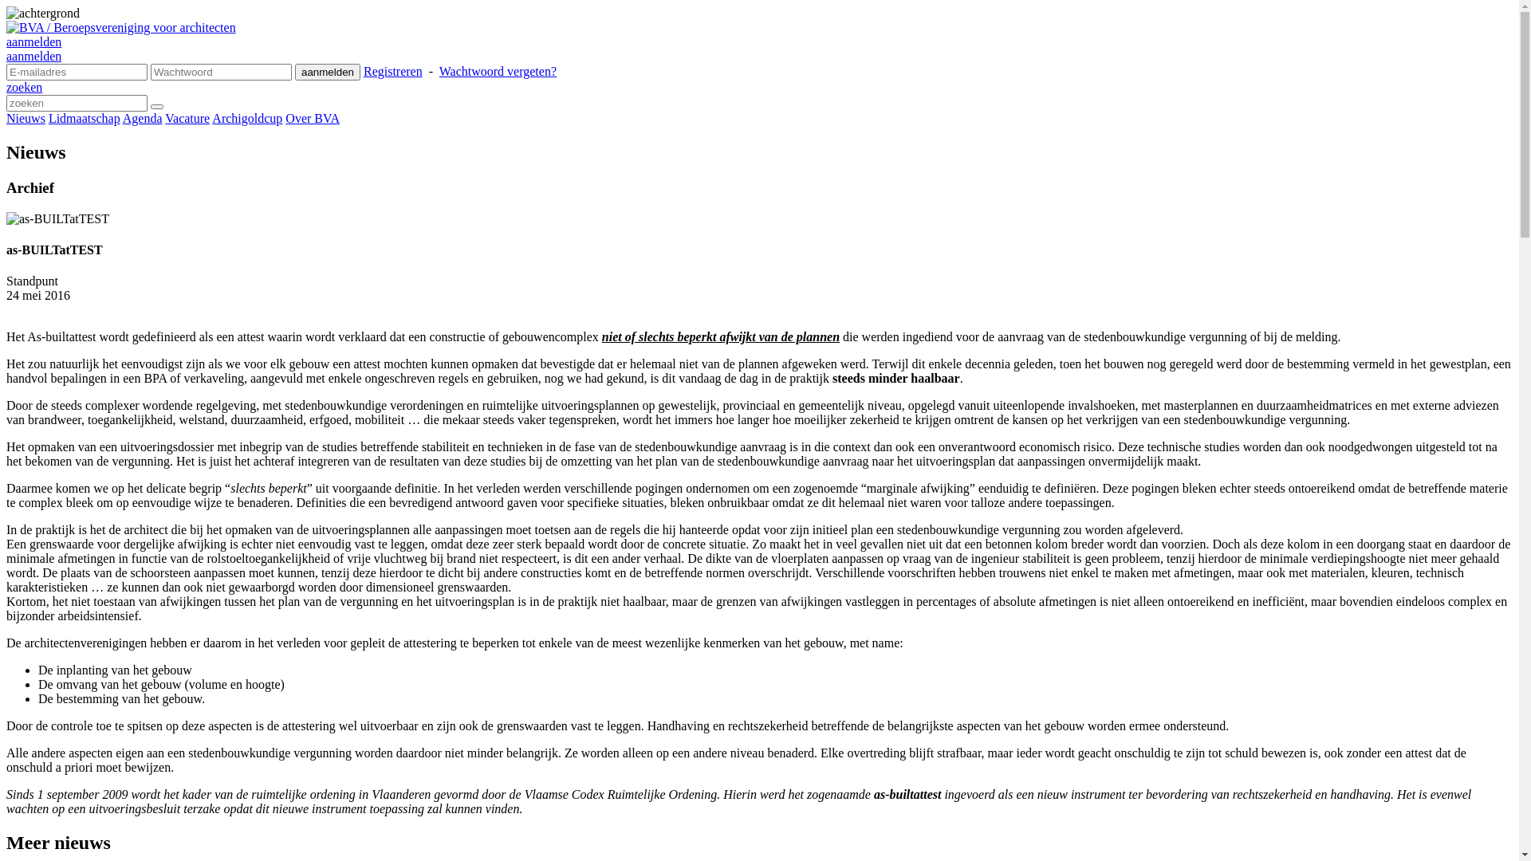 The image size is (1531, 861). What do you see at coordinates (187, 117) in the screenshot?
I see `'Vacature'` at bounding box center [187, 117].